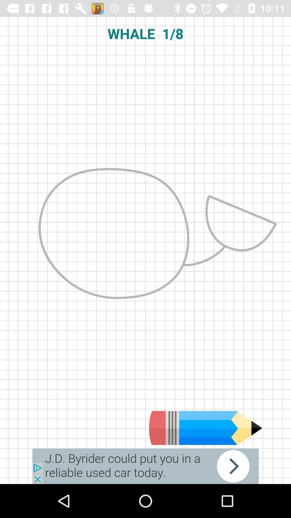 The width and height of the screenshot is (291, 518). Describe the element at coordinates (145, 466) in the screenshot. I see `next arrow button` at that location.